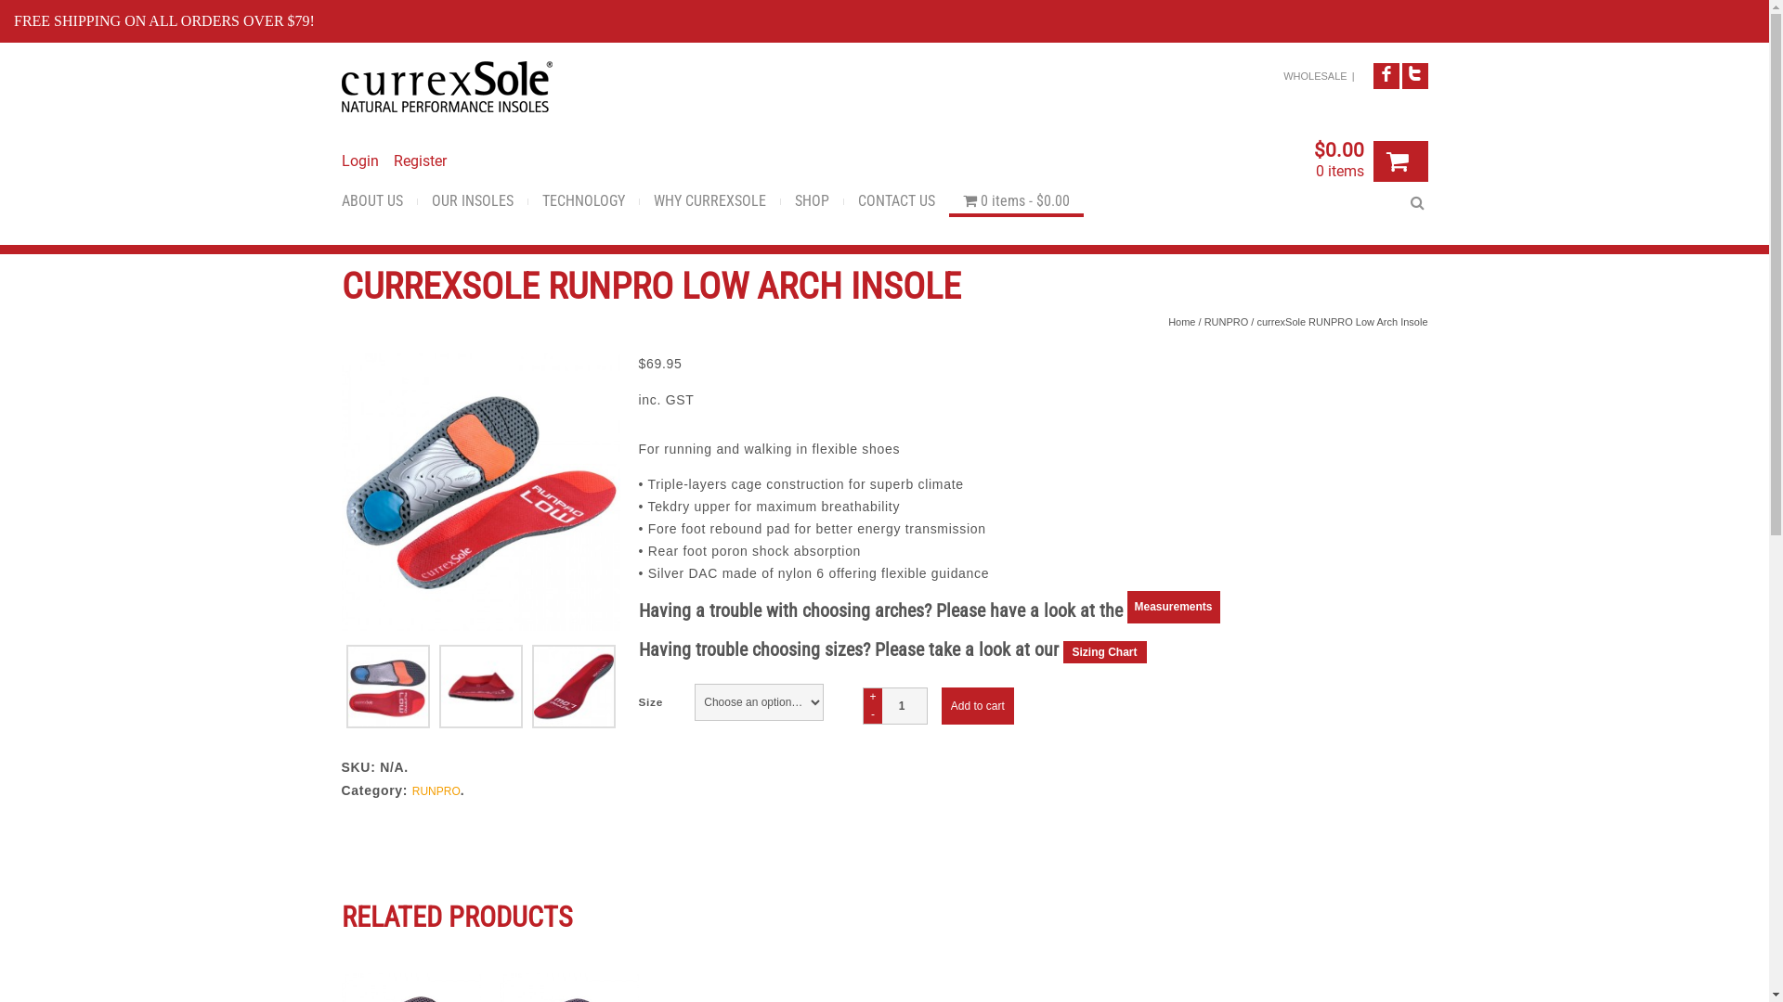 The height and width of the screenshot is (1002, 1783). What do you see at coordinates (895, 203) in the screenshot?
I see `'CONTACT US'` at bounding box center [895, 203].